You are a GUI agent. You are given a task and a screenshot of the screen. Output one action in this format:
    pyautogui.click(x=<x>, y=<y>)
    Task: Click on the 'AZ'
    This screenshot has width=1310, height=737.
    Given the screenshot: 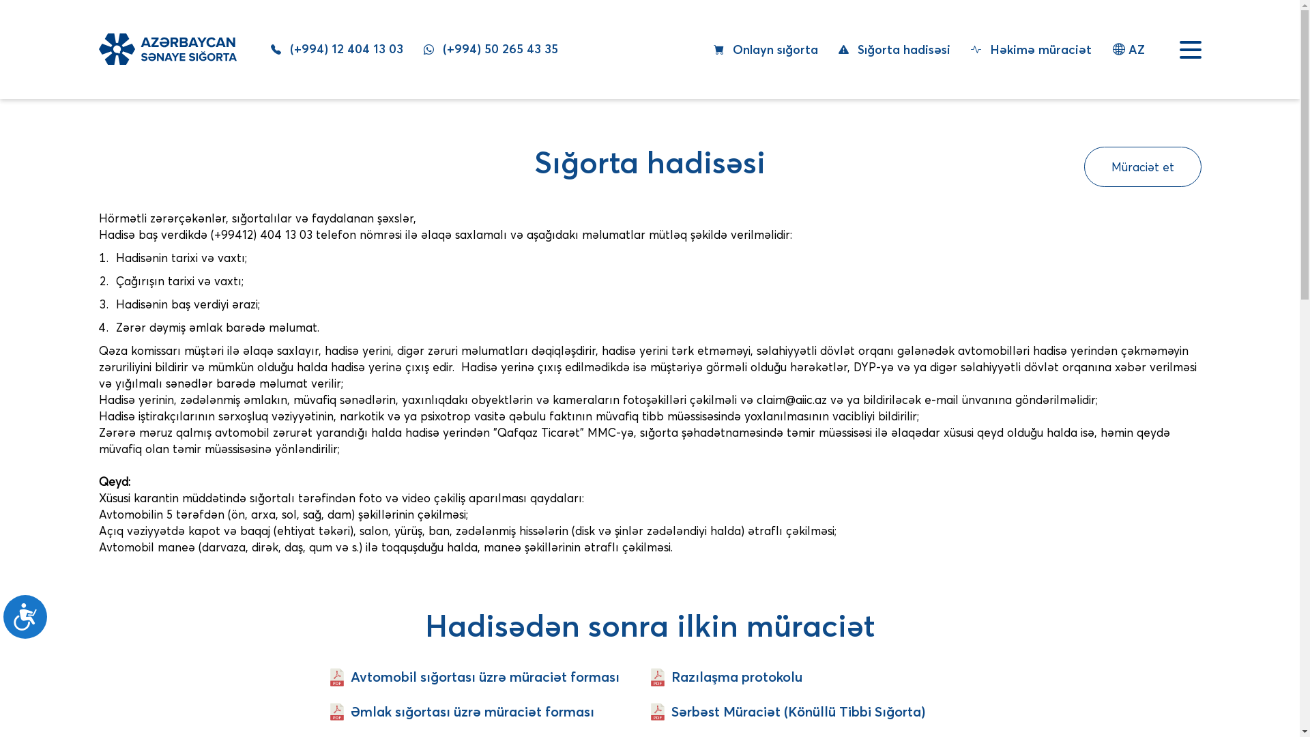 What is the action you would take?
    pyautogui.click(x=1129, y=48)
    